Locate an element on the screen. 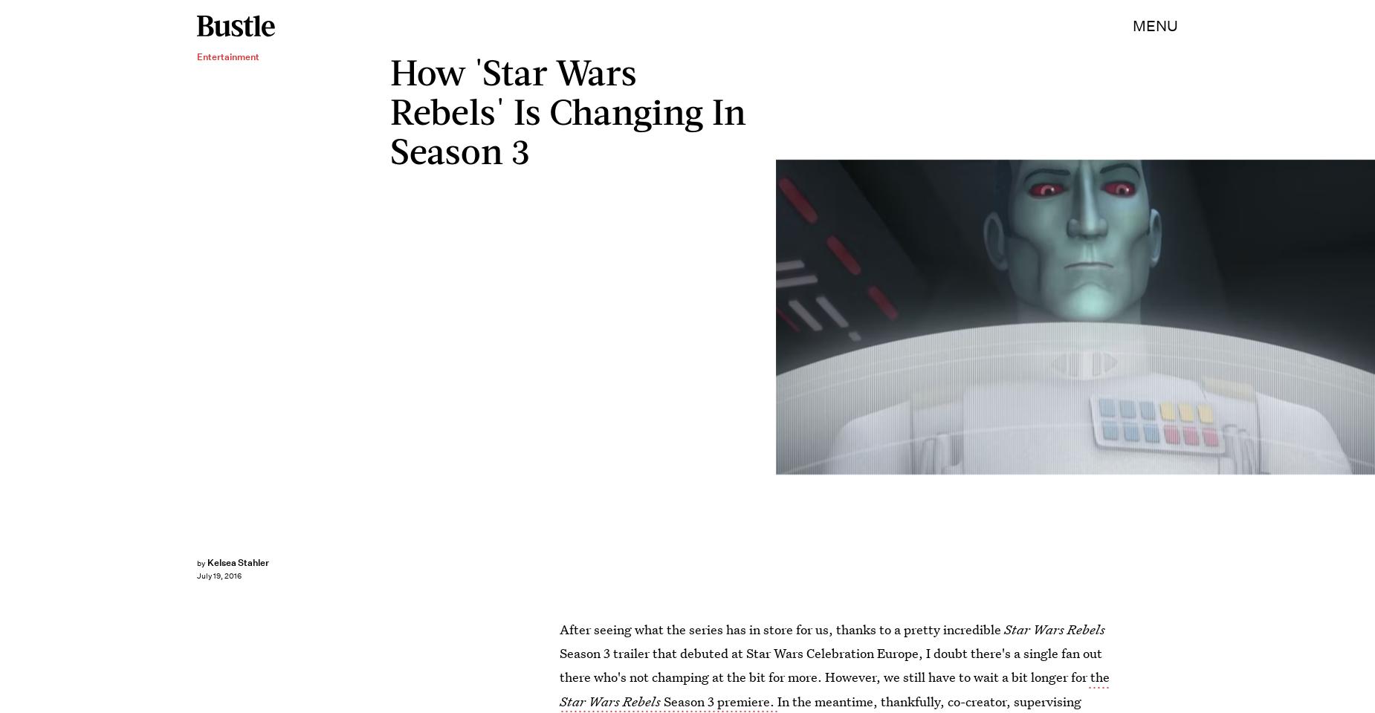  'MENU' is located at coordinates (1155, 25).